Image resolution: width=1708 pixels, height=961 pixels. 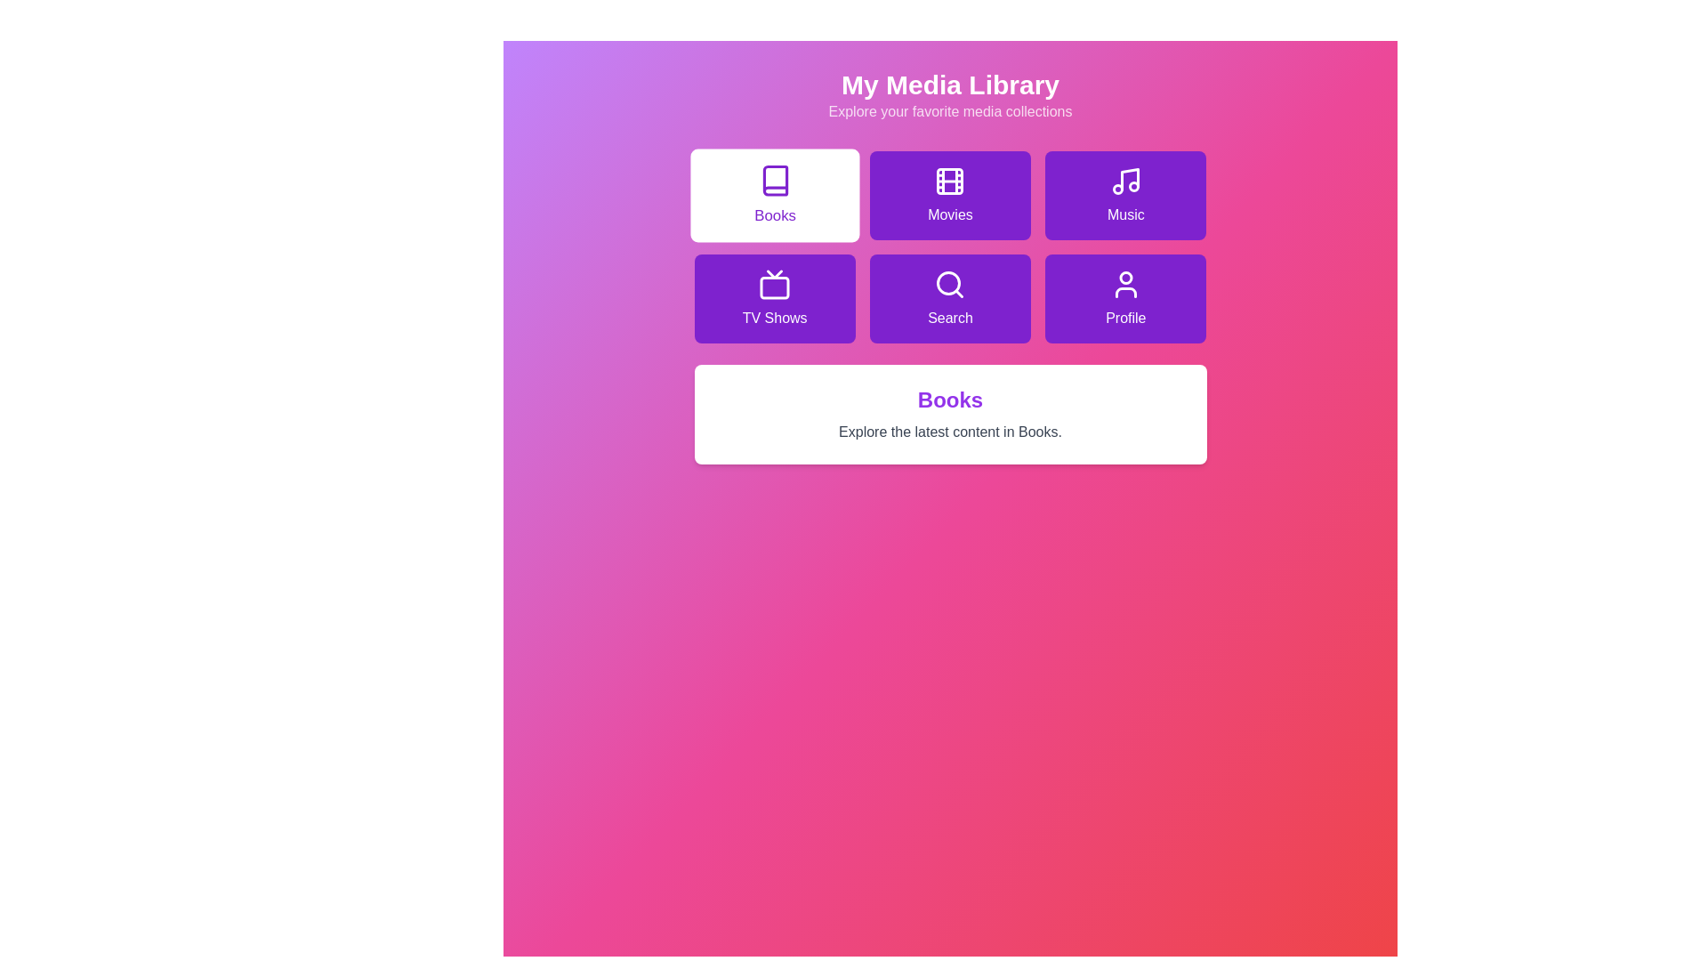 What do you see at coordinates (775, 274) in the screenshot?
I see `the purple triangular shape at the top-center of the TV icon, representing an antenna or signal element` at bounding box center [775, 274].